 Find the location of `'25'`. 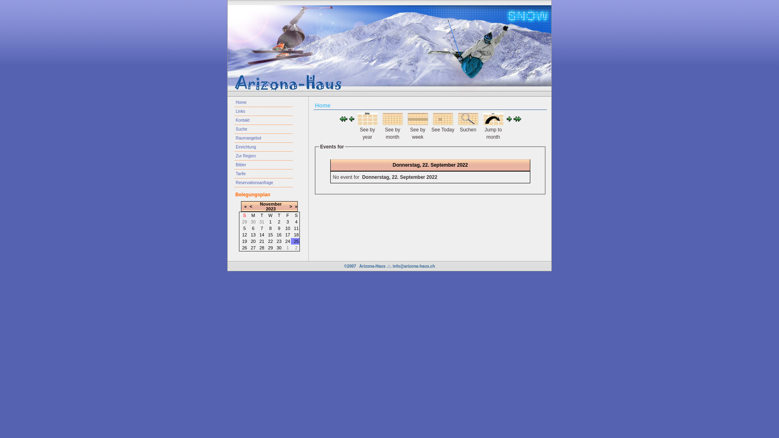

'25' is located at coordinates (295, 240).